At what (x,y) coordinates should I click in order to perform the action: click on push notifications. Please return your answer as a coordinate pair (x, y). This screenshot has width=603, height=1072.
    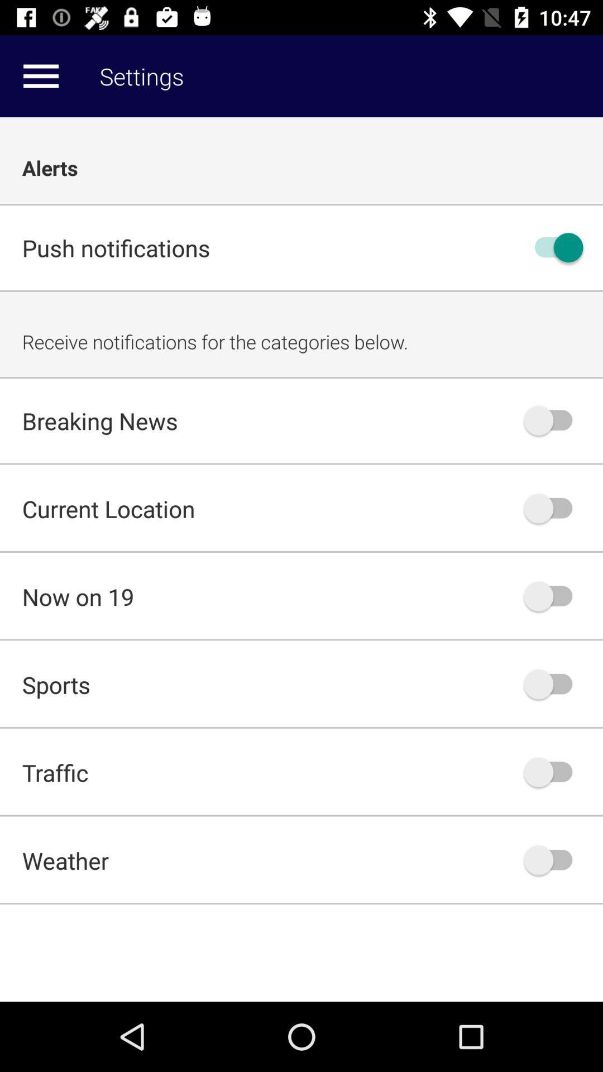
    Looking at the image, I should click on (553, 247).